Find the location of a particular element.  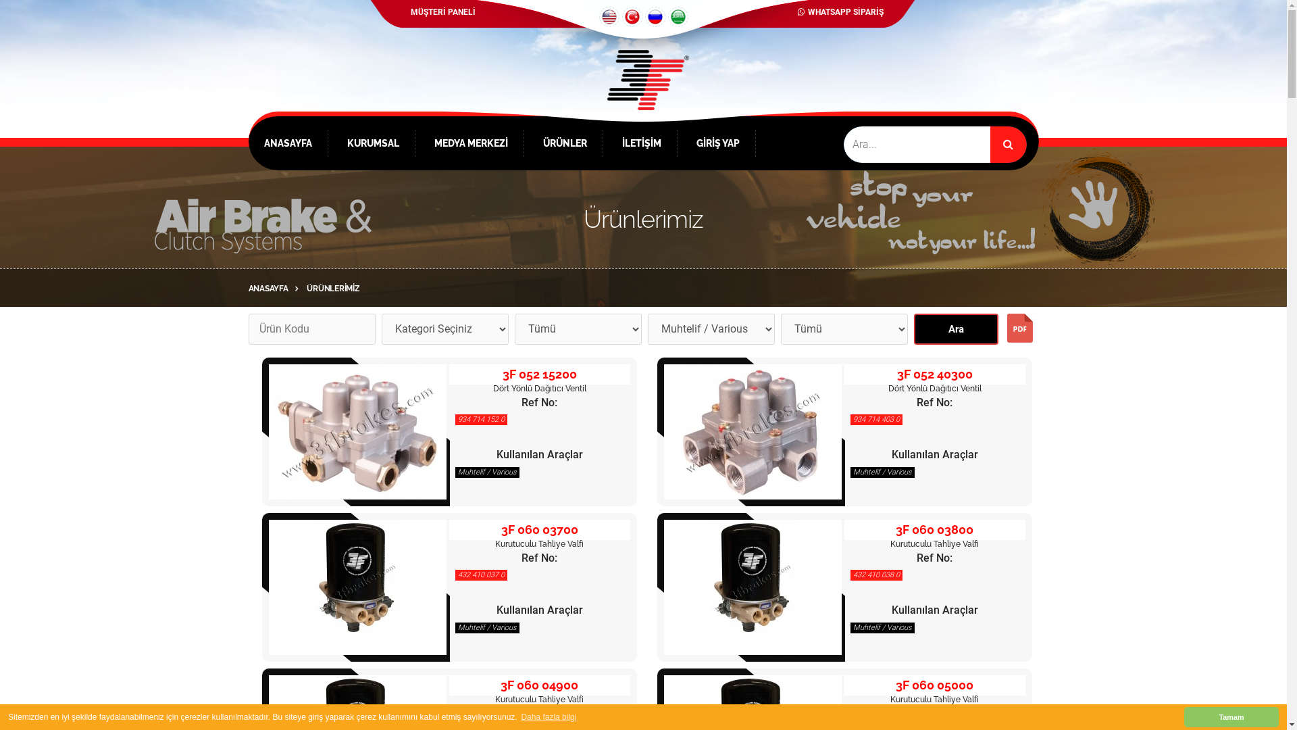

'Ara' is located at coordinates (955, 328).